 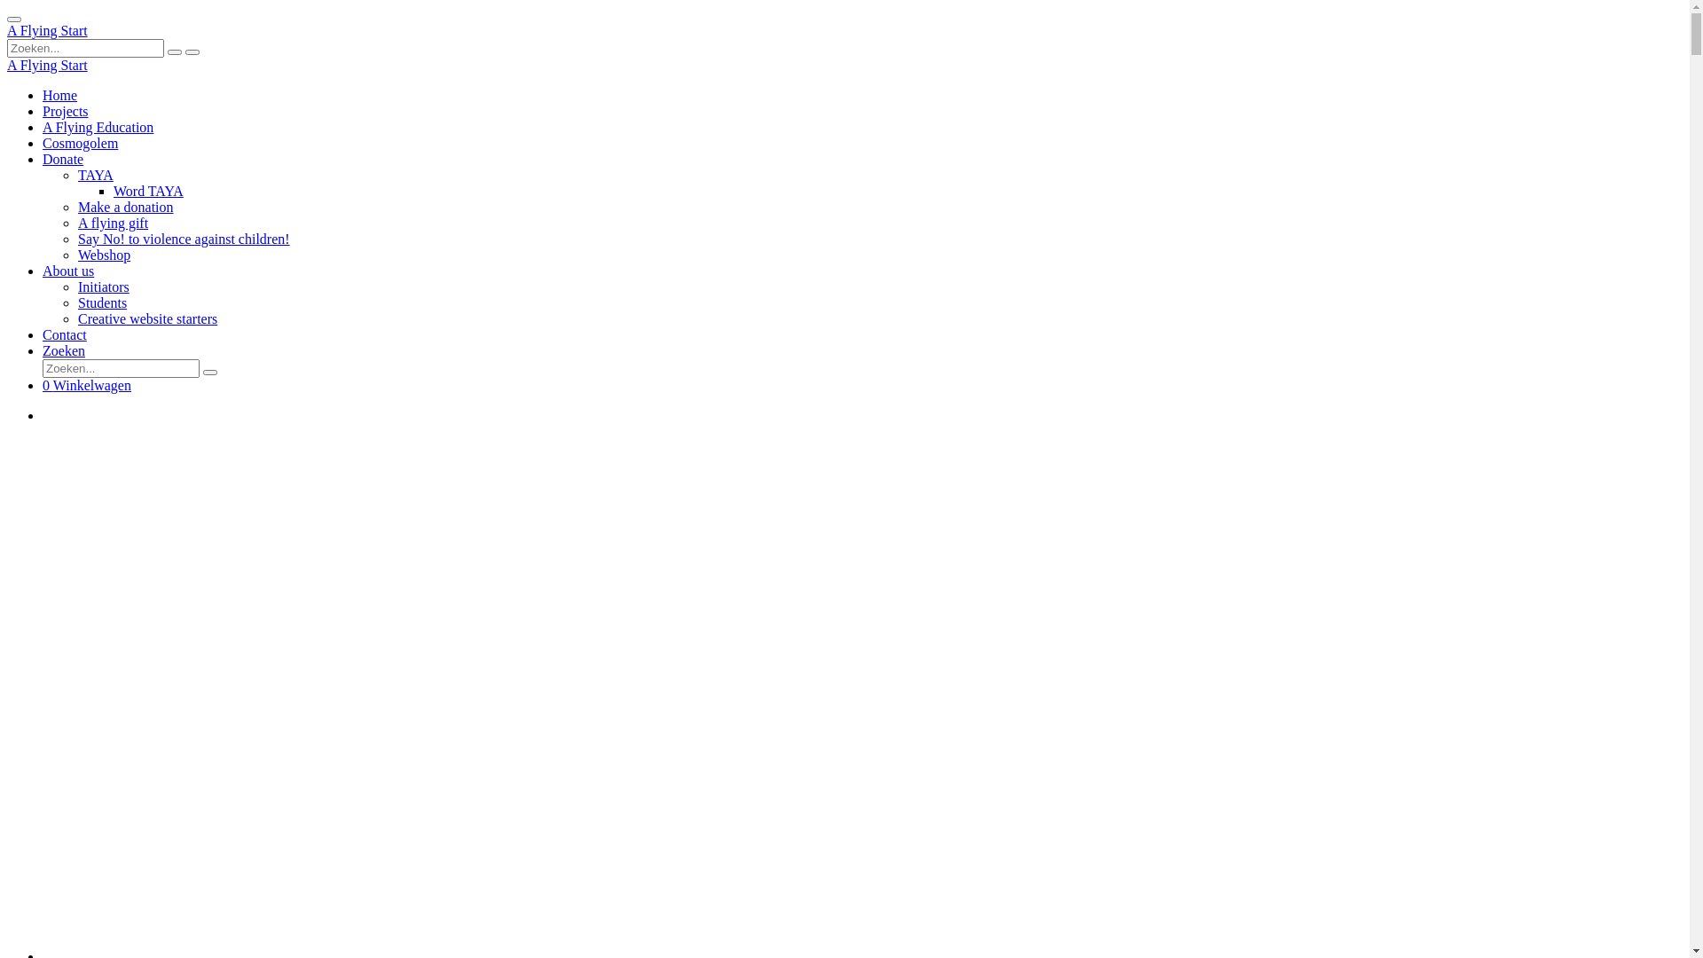 What do you see at coordinates (85, 384) in the screenshot?
I see `'0 Winkelwagen'` at bounding box center [85, 384].